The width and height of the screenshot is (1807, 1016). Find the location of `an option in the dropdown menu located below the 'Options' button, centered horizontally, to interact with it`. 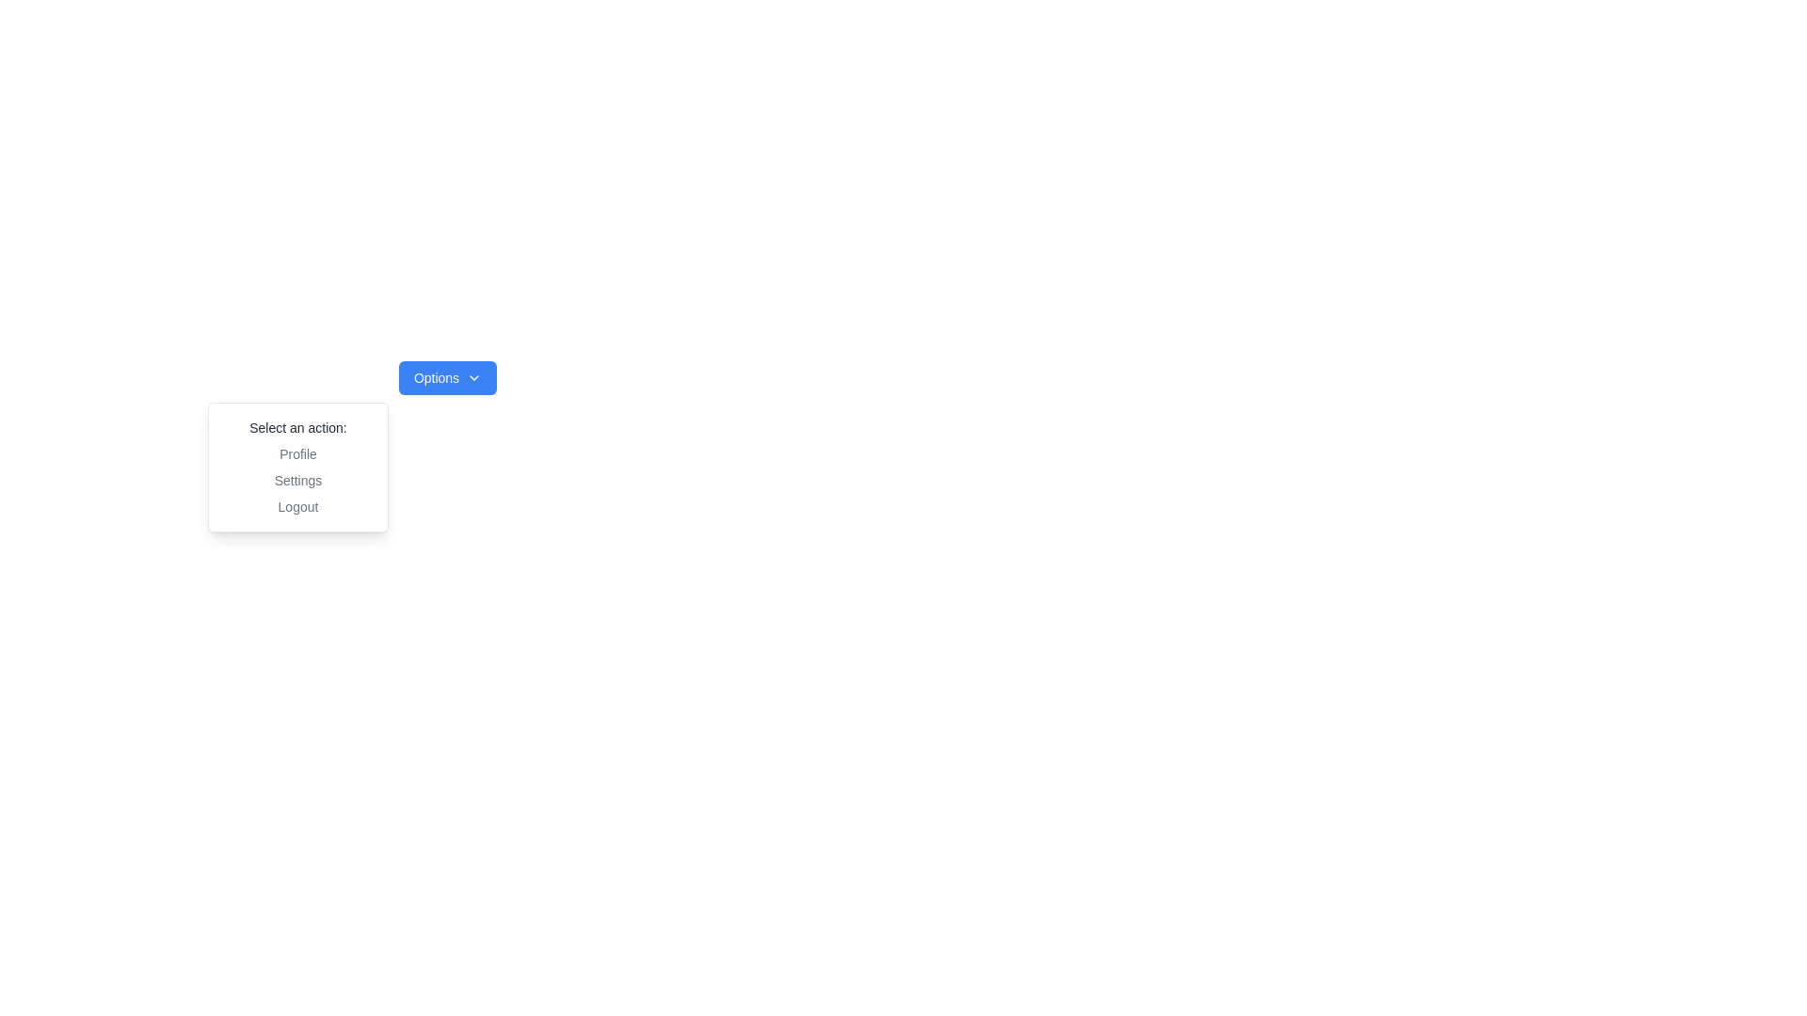

an option in the dropdown menu located below the 'Options' button, centered horizontally, to interact with it is located at coordinates (296, 467).